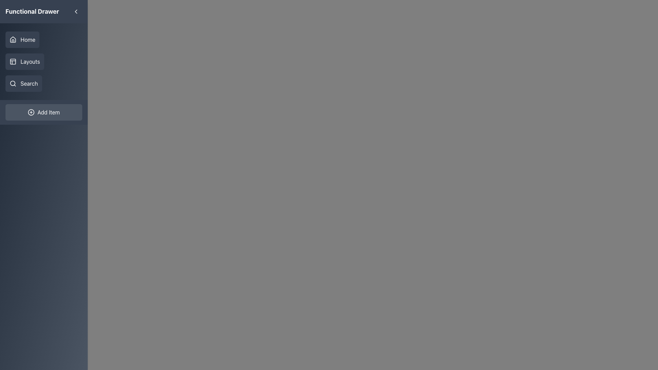 This screenshot has width=658, height=370. What do you see at coordinates (22, 39) in the screenshot?
I see `the 'Home' button with a house icon located in the left sidebar` at bounding box center [22, 39].